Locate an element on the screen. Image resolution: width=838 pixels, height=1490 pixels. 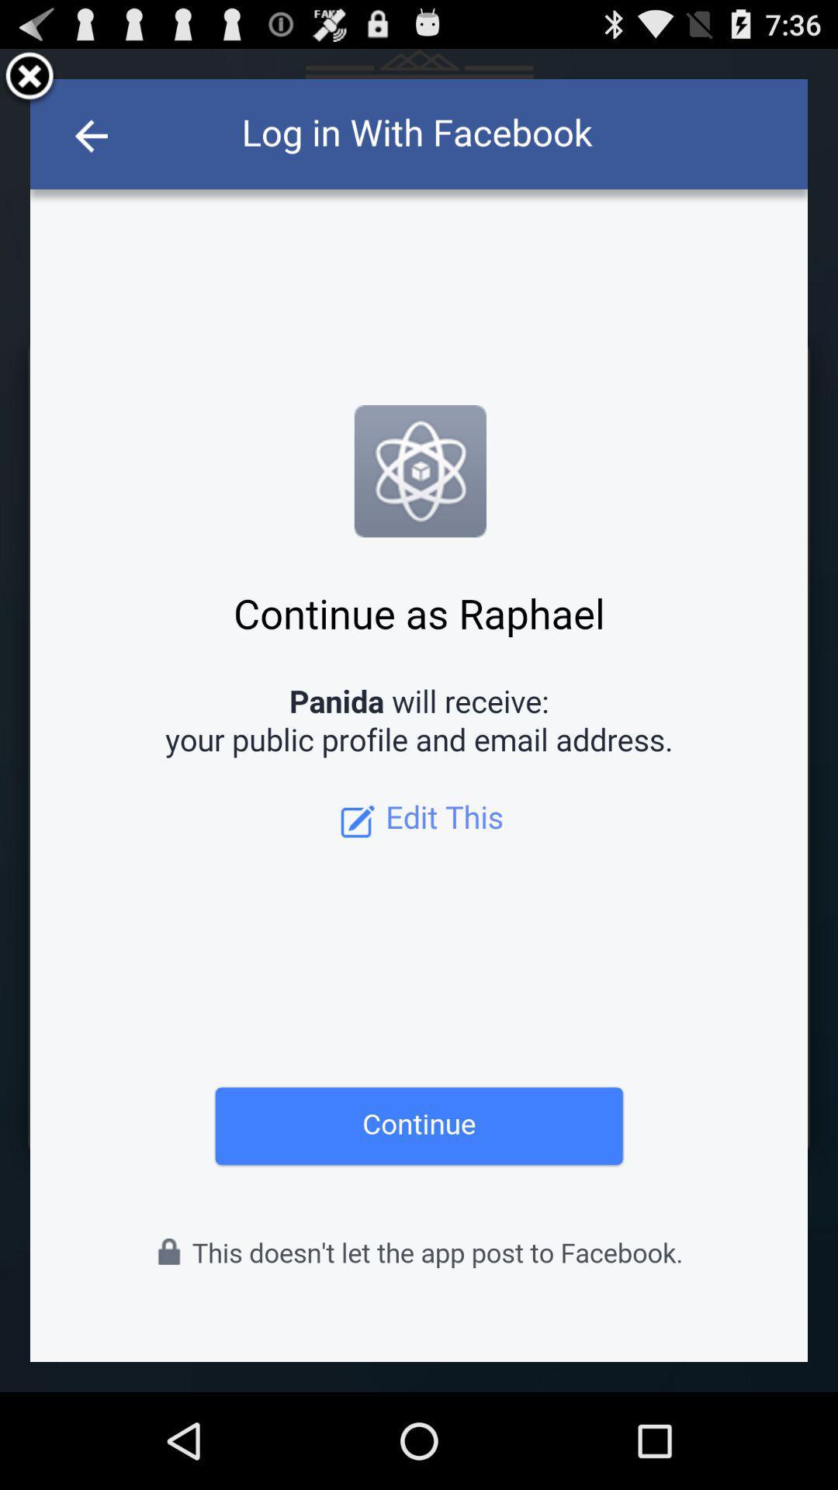
inder pega is located at coordinates (29, 78).